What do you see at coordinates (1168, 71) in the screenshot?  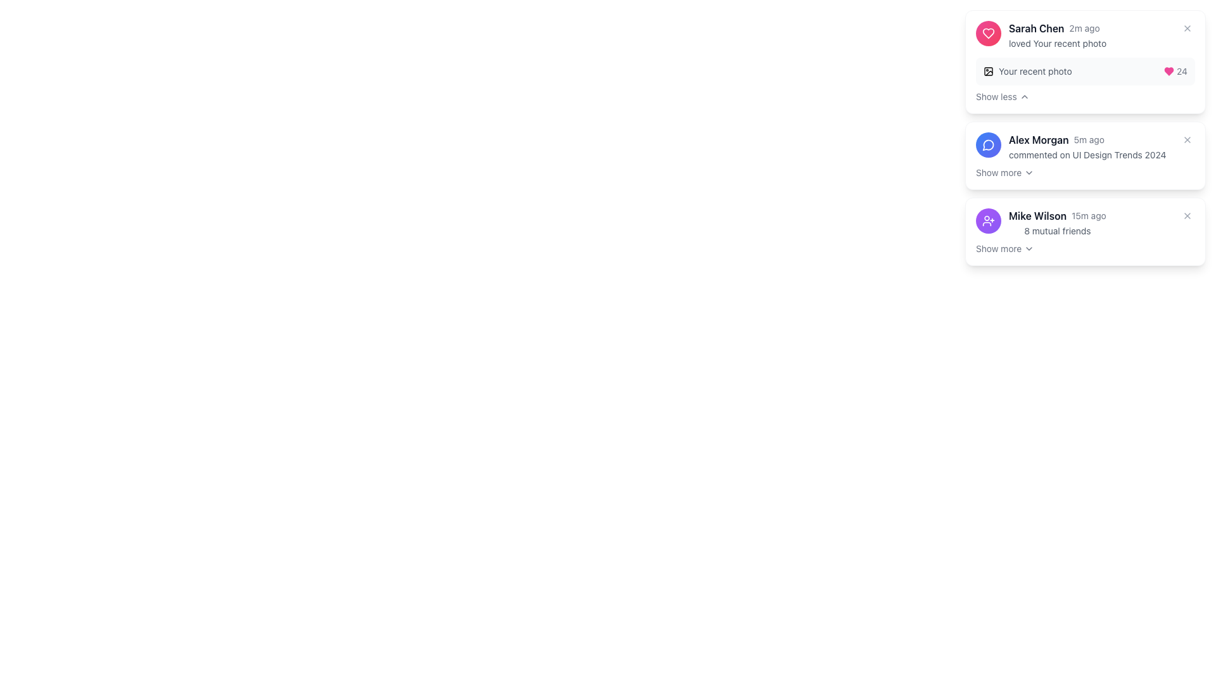 I see `the heart-shaped pink icon representing 'like' or 'love' for 'Sarah Chen' located in the top-left corner of her notification card` at bounding box center [1168, 71].